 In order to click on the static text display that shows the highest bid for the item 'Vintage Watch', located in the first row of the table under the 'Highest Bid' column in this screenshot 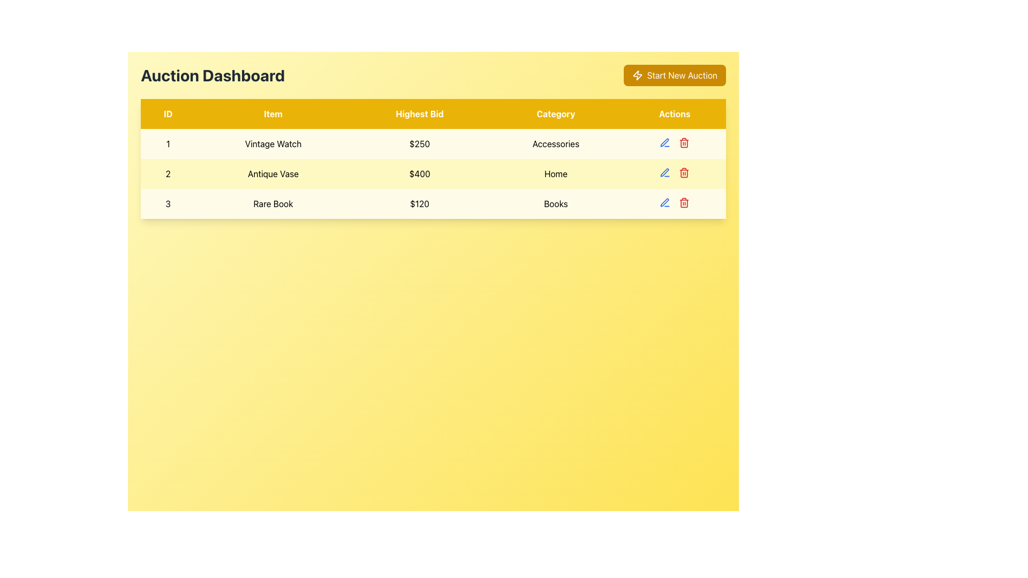, I will do `click(419, 143)`.